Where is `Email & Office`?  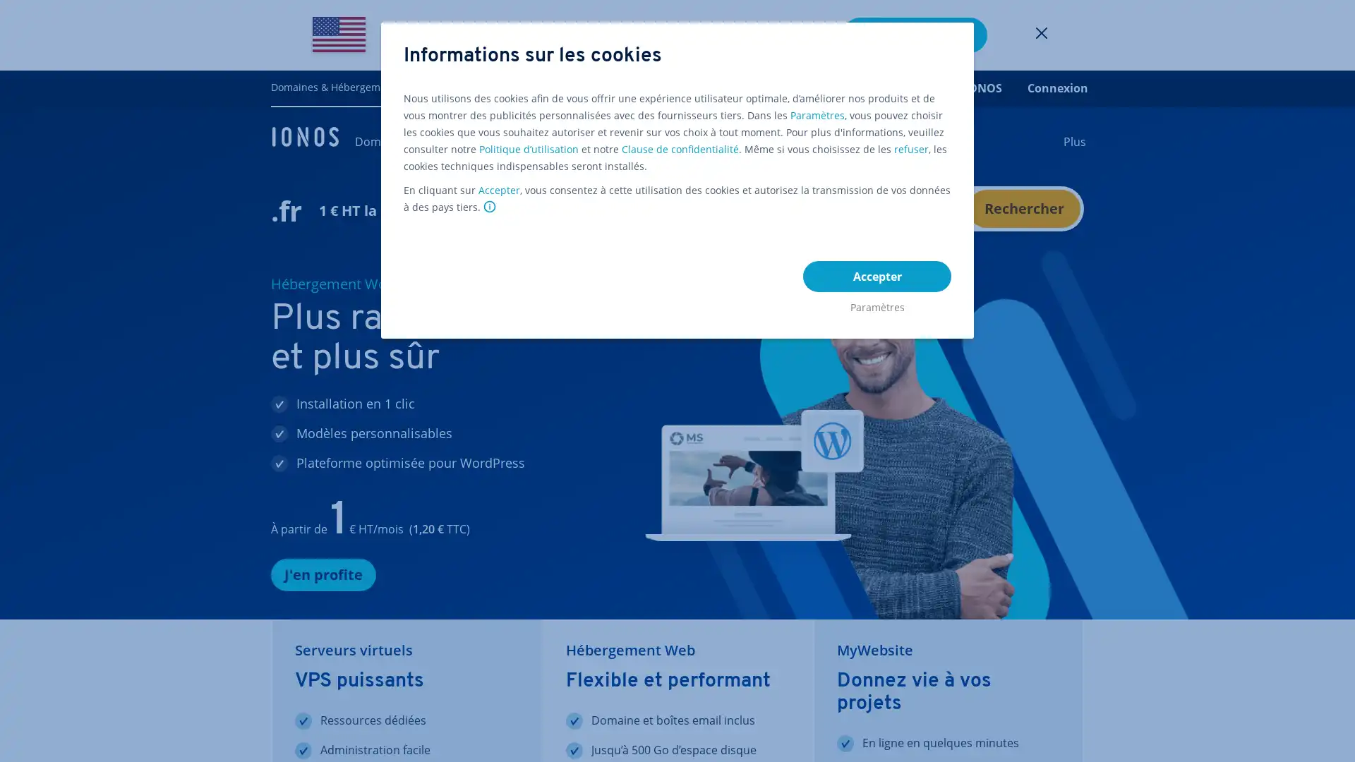 Email & Office is located at coordinates (811, 141).